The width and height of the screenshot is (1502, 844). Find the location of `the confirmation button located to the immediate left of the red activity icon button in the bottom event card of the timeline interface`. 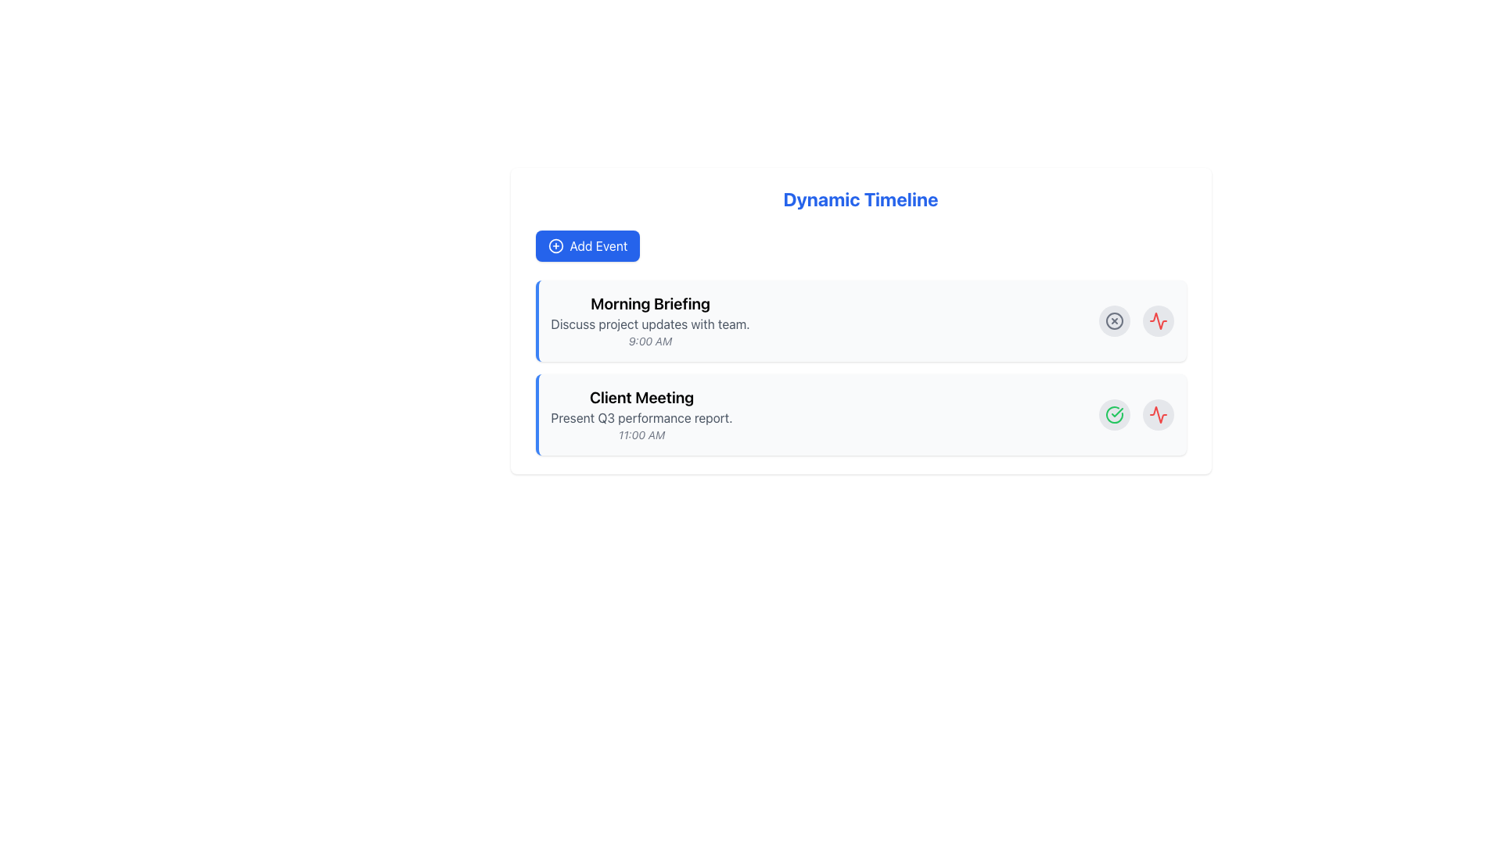

the confirmation button located to the immediate left of the red activity icon button in the bottom event card of the timeline interface is located at coordinates (1113, 414).